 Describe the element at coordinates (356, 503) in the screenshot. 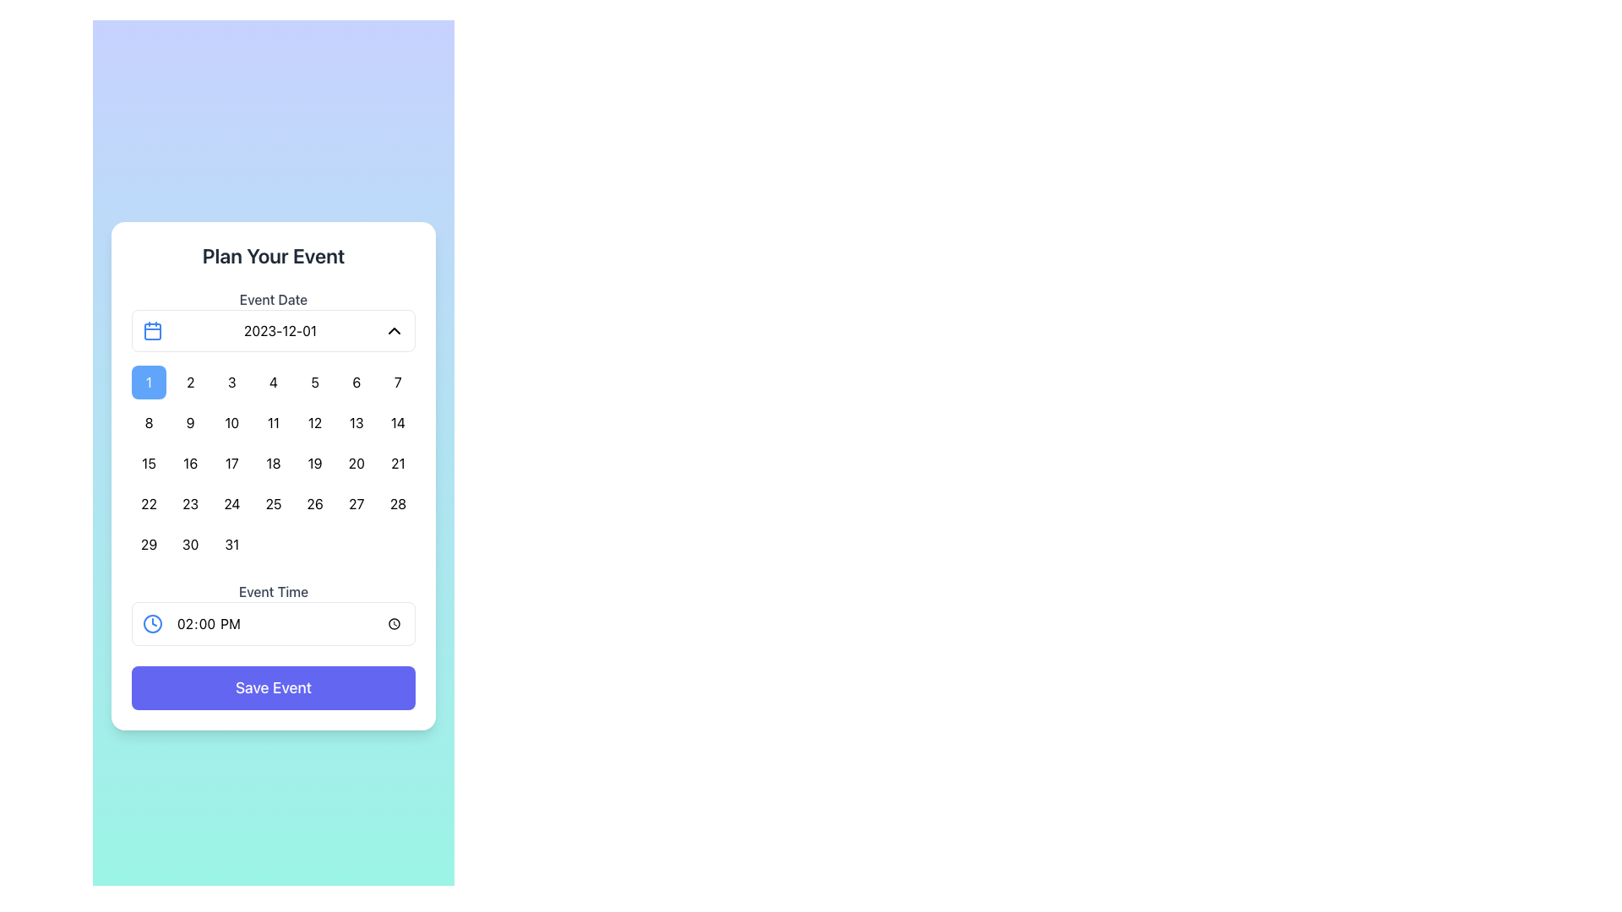

I see `the rounded rectangular button displaying the number '27'` at that location.